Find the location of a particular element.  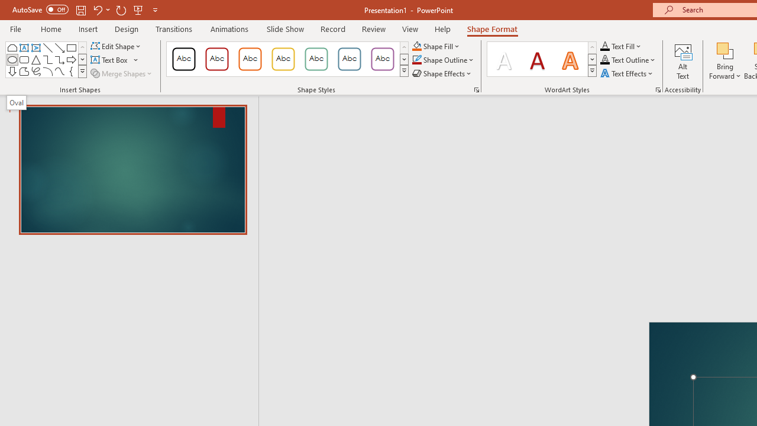

'Draw Horizontal Text Box' is located at coordinates (110, 60).